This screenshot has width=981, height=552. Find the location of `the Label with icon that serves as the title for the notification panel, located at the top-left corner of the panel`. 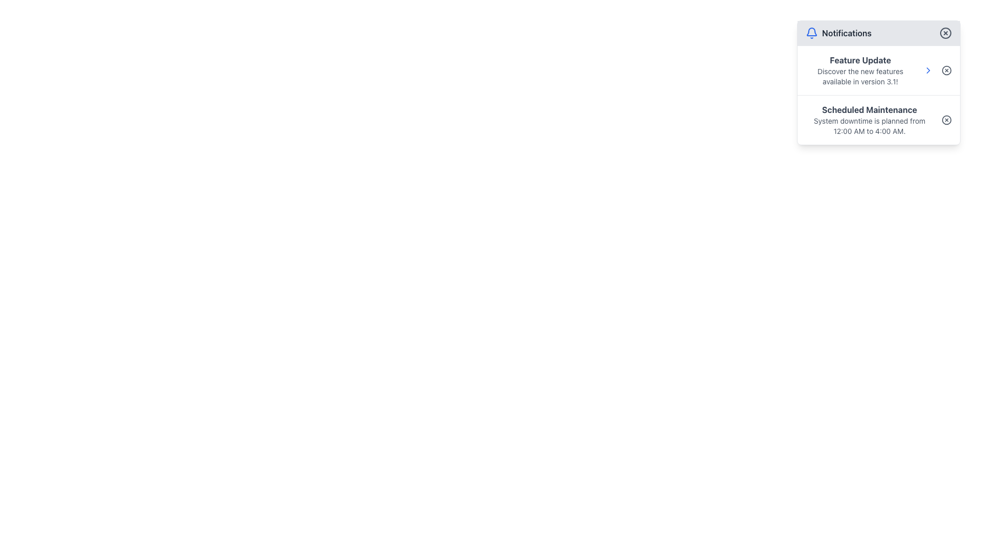

the Label with icon that serves as the title for the notification panel, located at the top-left corner of the panel is located at coordinates (838, 33).